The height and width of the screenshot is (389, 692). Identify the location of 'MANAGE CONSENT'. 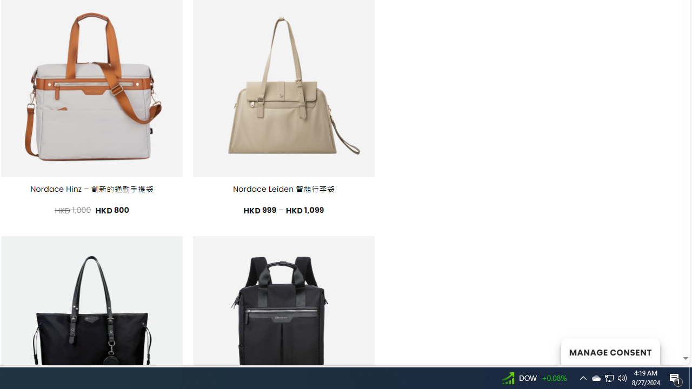
(610, 351).